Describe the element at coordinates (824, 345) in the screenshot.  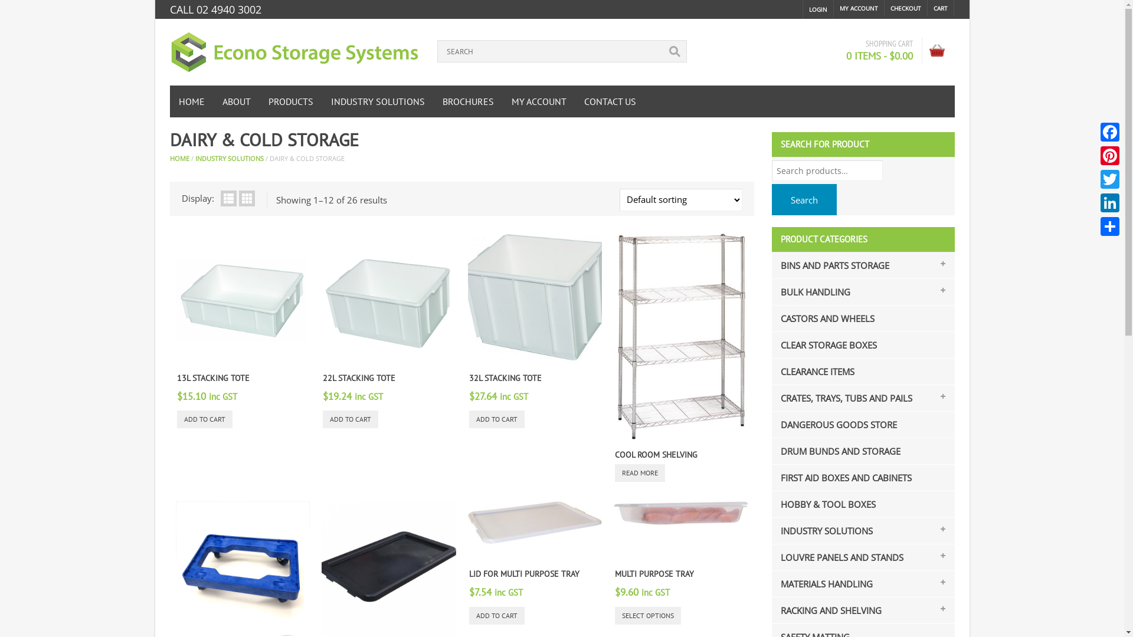
I see `'CLEAR STORAGE BOXES'` at that location.